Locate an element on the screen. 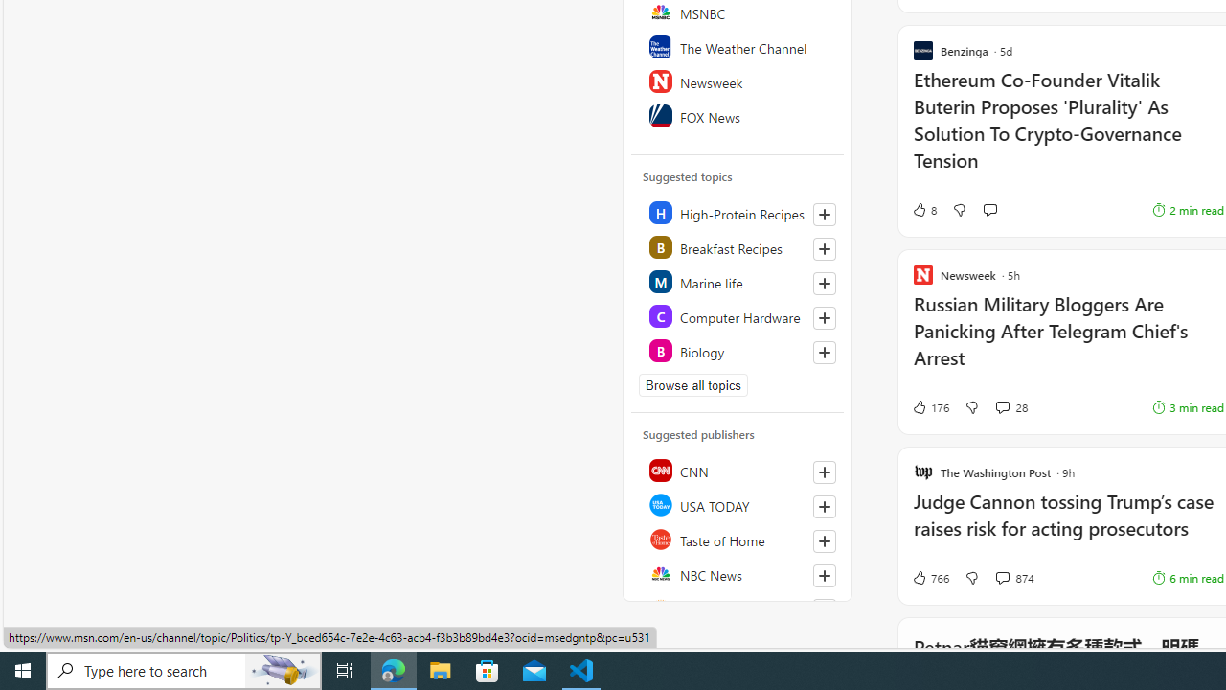 The image size is (1226, 690). '8 Like' is located at coordinates (923, 210).